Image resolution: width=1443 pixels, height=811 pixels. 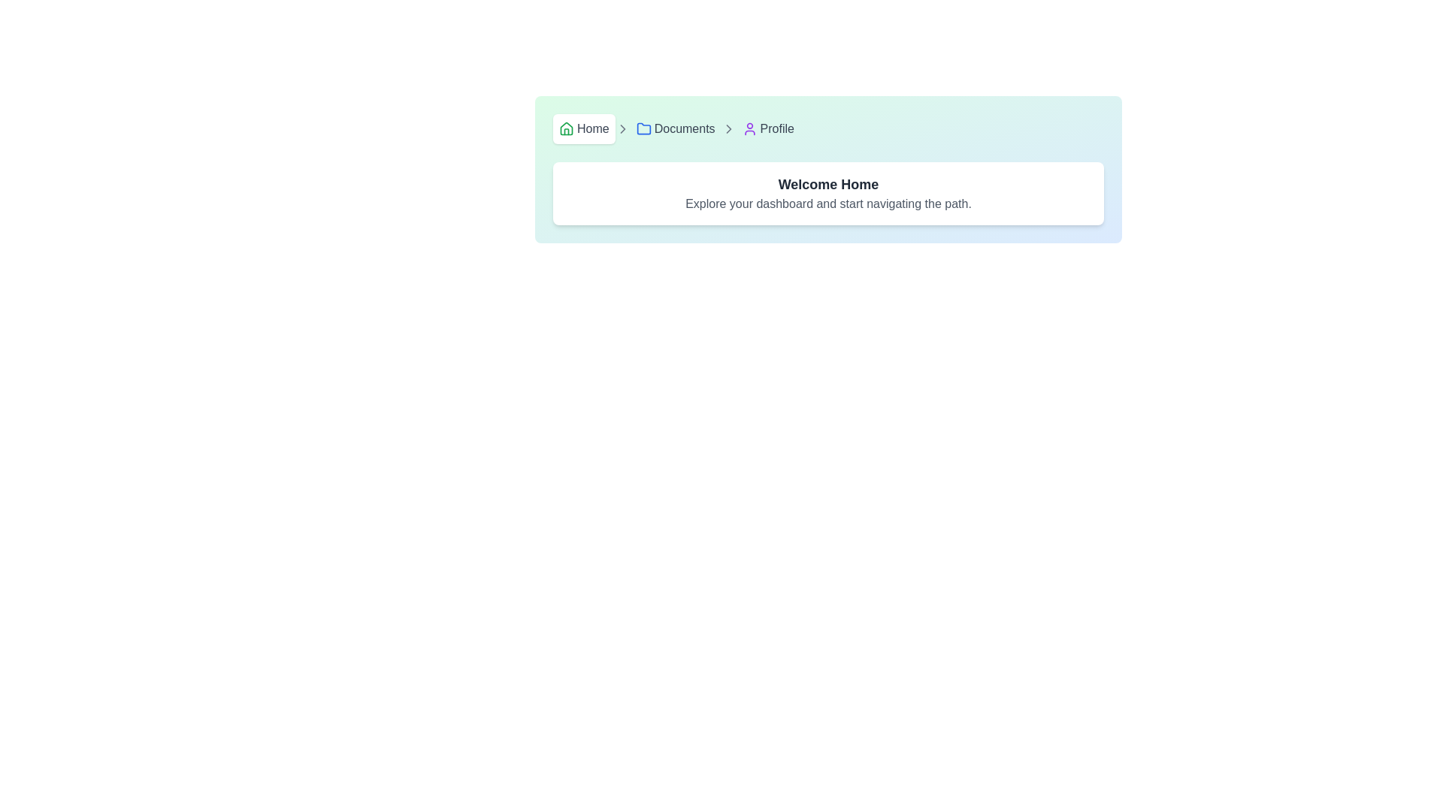 I want to click on the navigational button in the breadcrumb navigation bar that leads to the 'Documents' section of the application, so click(x=674, y=128).